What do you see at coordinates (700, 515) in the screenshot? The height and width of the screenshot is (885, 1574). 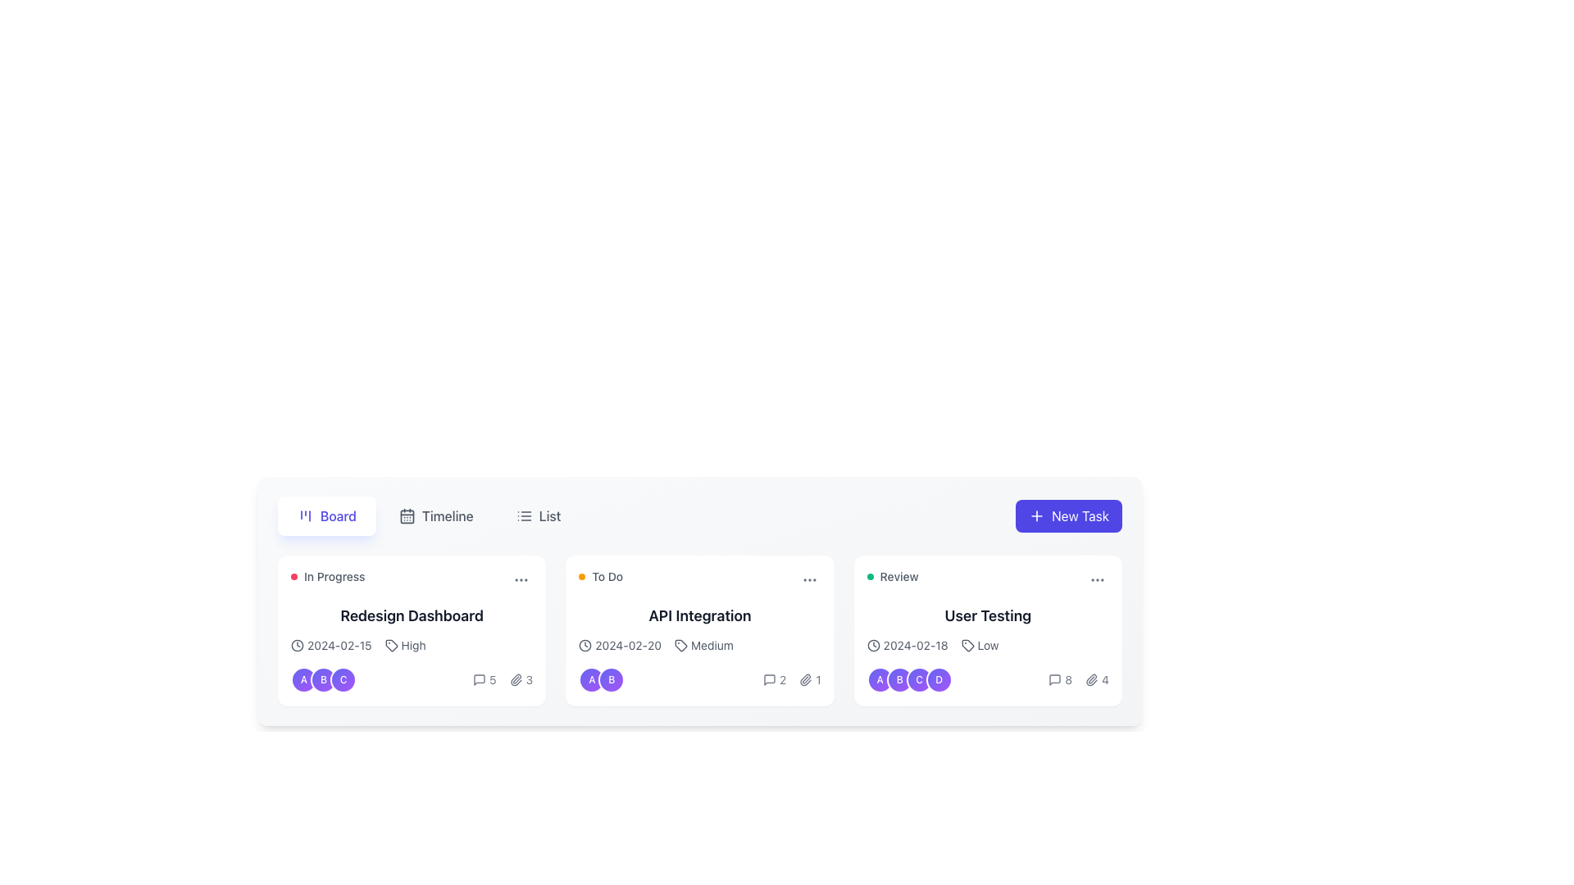 I see `the 'List' menu item in the navigation bar to switch to the list view` at bounding box center [700, 515].